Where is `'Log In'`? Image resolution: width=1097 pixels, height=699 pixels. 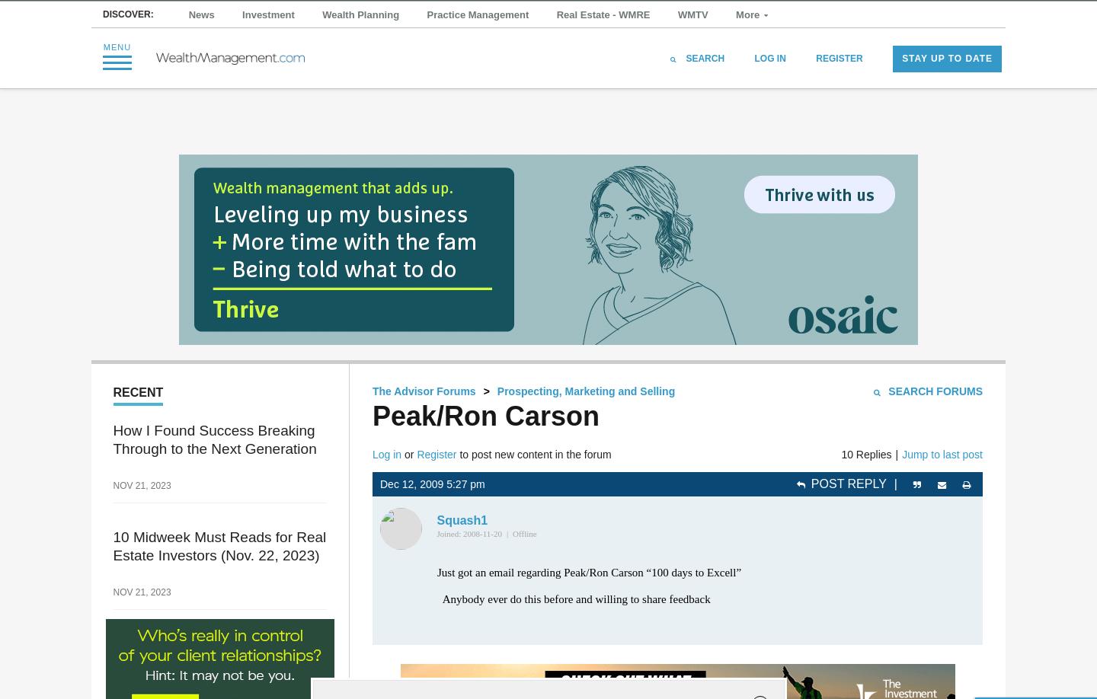 'Log In' is located at coordinates (769, 89).